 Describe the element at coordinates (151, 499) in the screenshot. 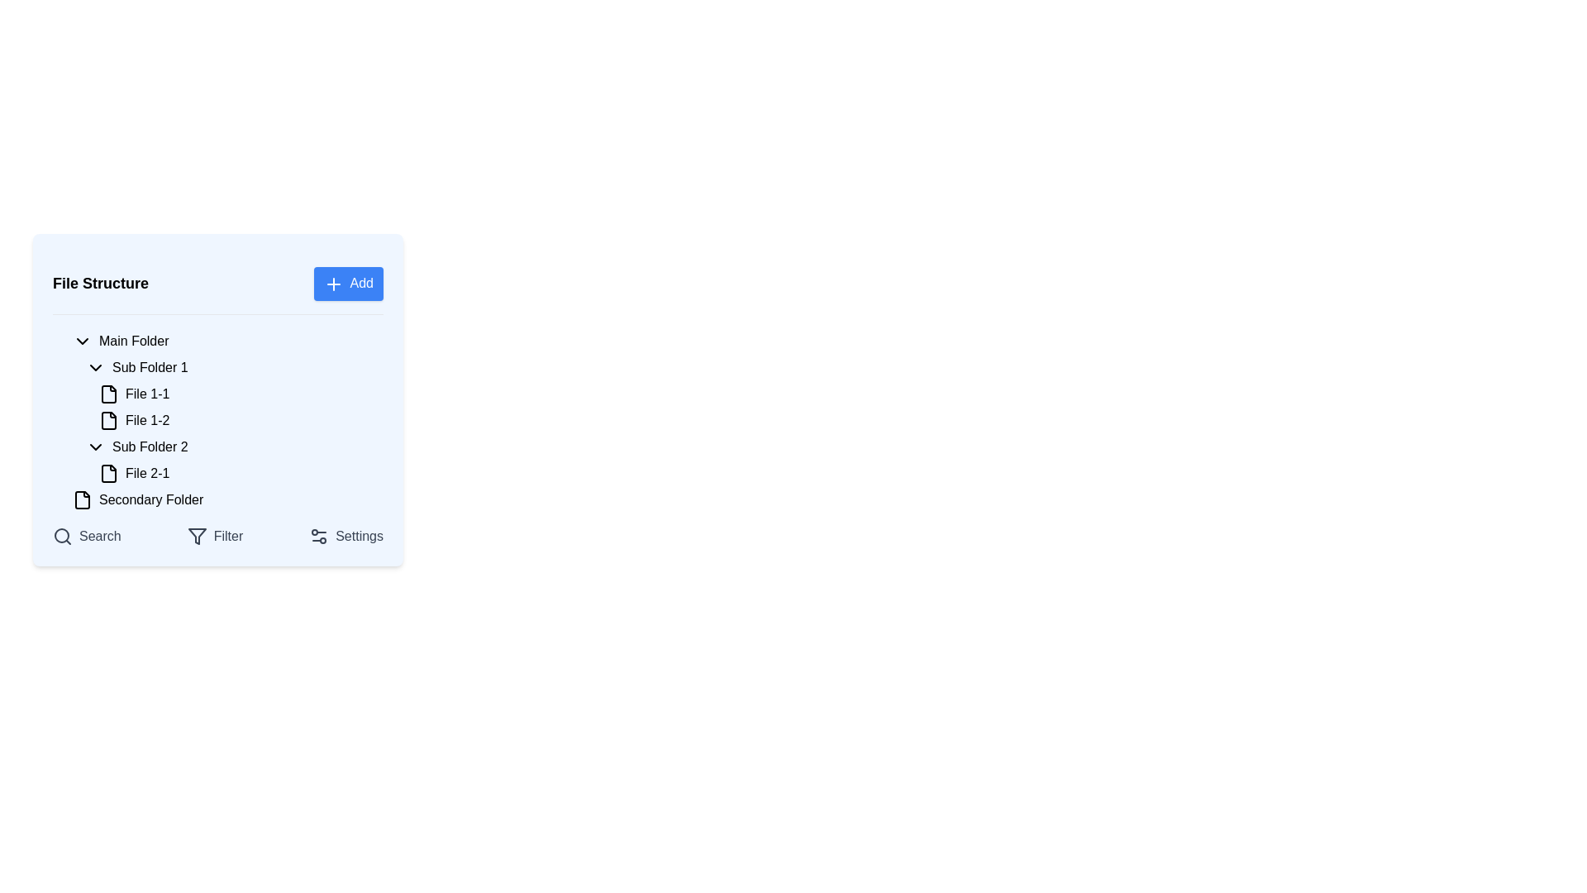

I see `the text label 'Secondary Folder'` at that location.